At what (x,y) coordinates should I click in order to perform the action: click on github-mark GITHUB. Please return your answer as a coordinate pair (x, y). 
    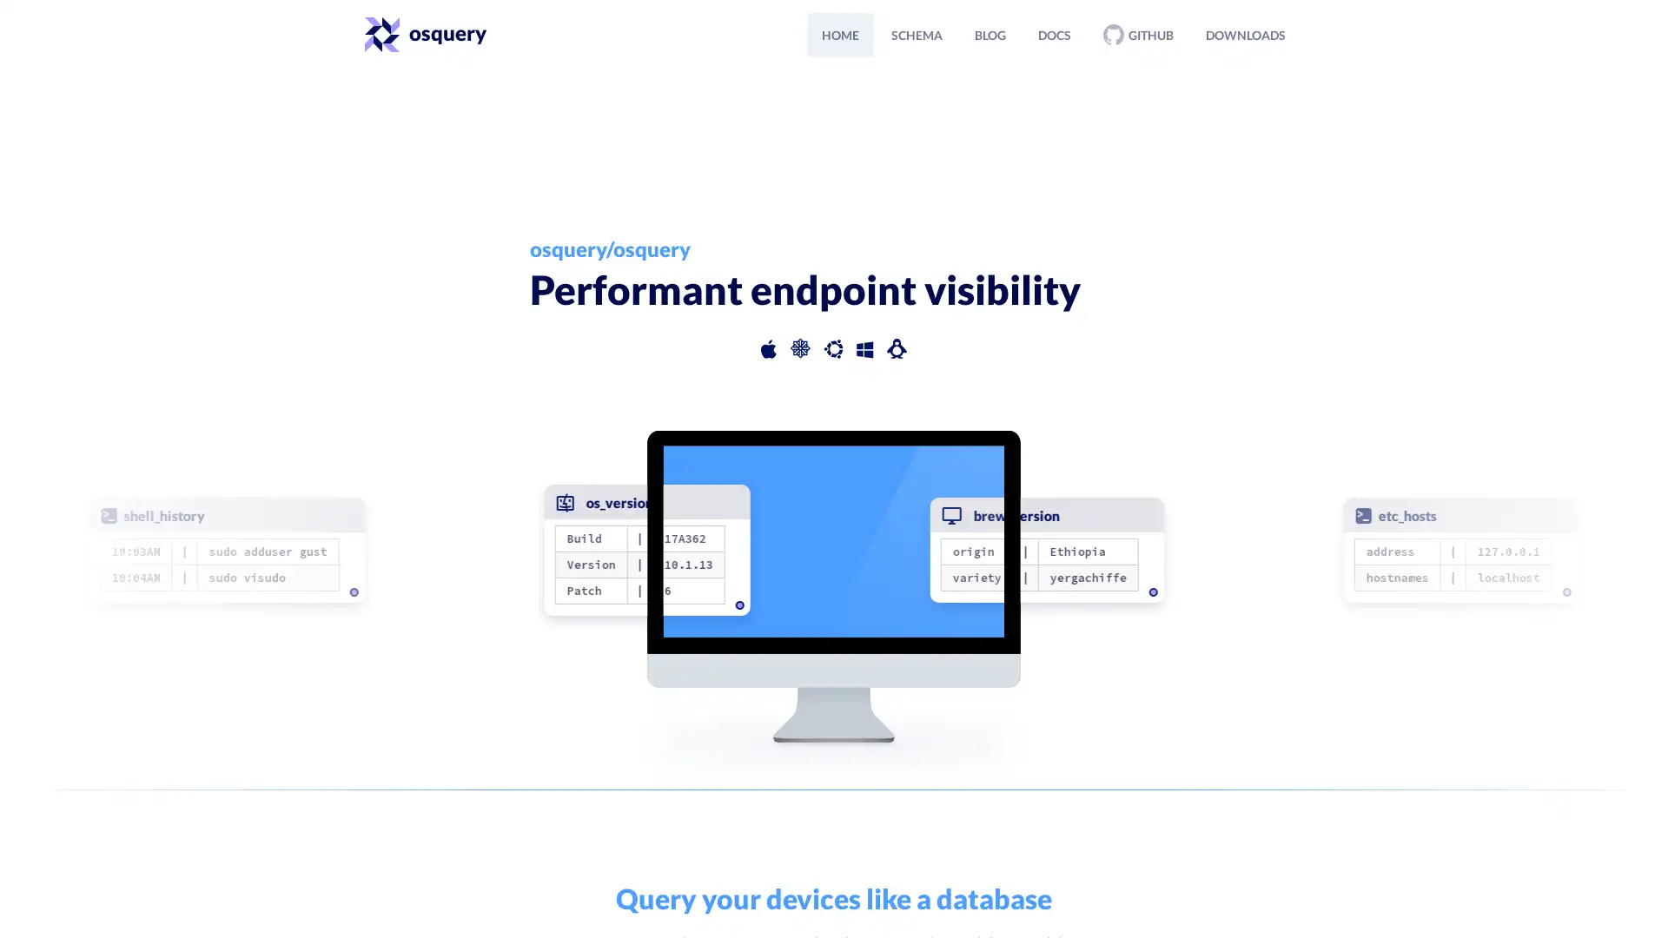
    Looking at the image, I should click on (1138, 34).